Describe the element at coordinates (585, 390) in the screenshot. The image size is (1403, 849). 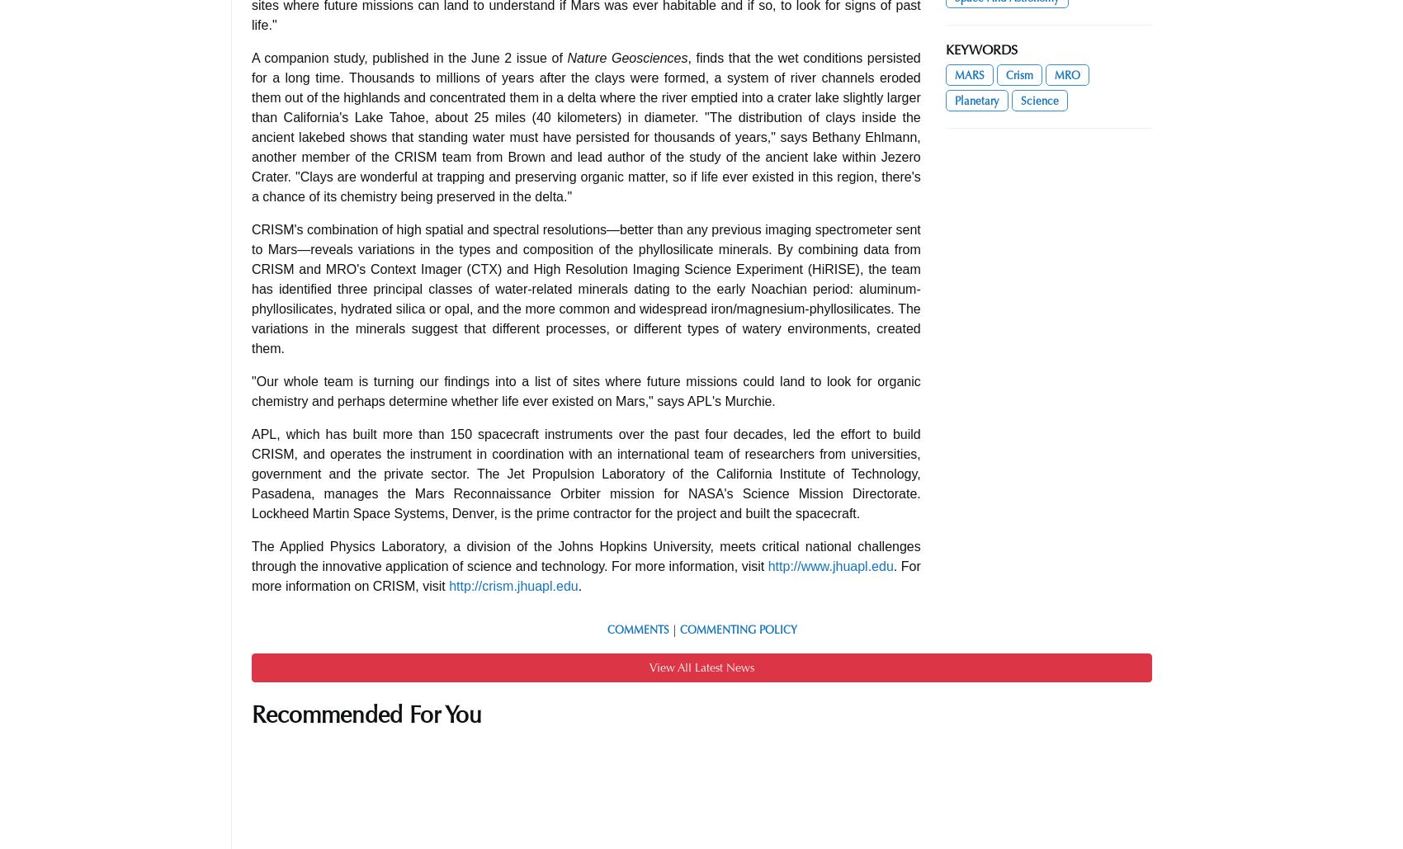
I see `'"Our whole team is turning our findings into a list of sites where future missions could land to look for organic chemistry and perhaps determine whether life ever existed on Mars," says APL's Murchie.'` at that location.